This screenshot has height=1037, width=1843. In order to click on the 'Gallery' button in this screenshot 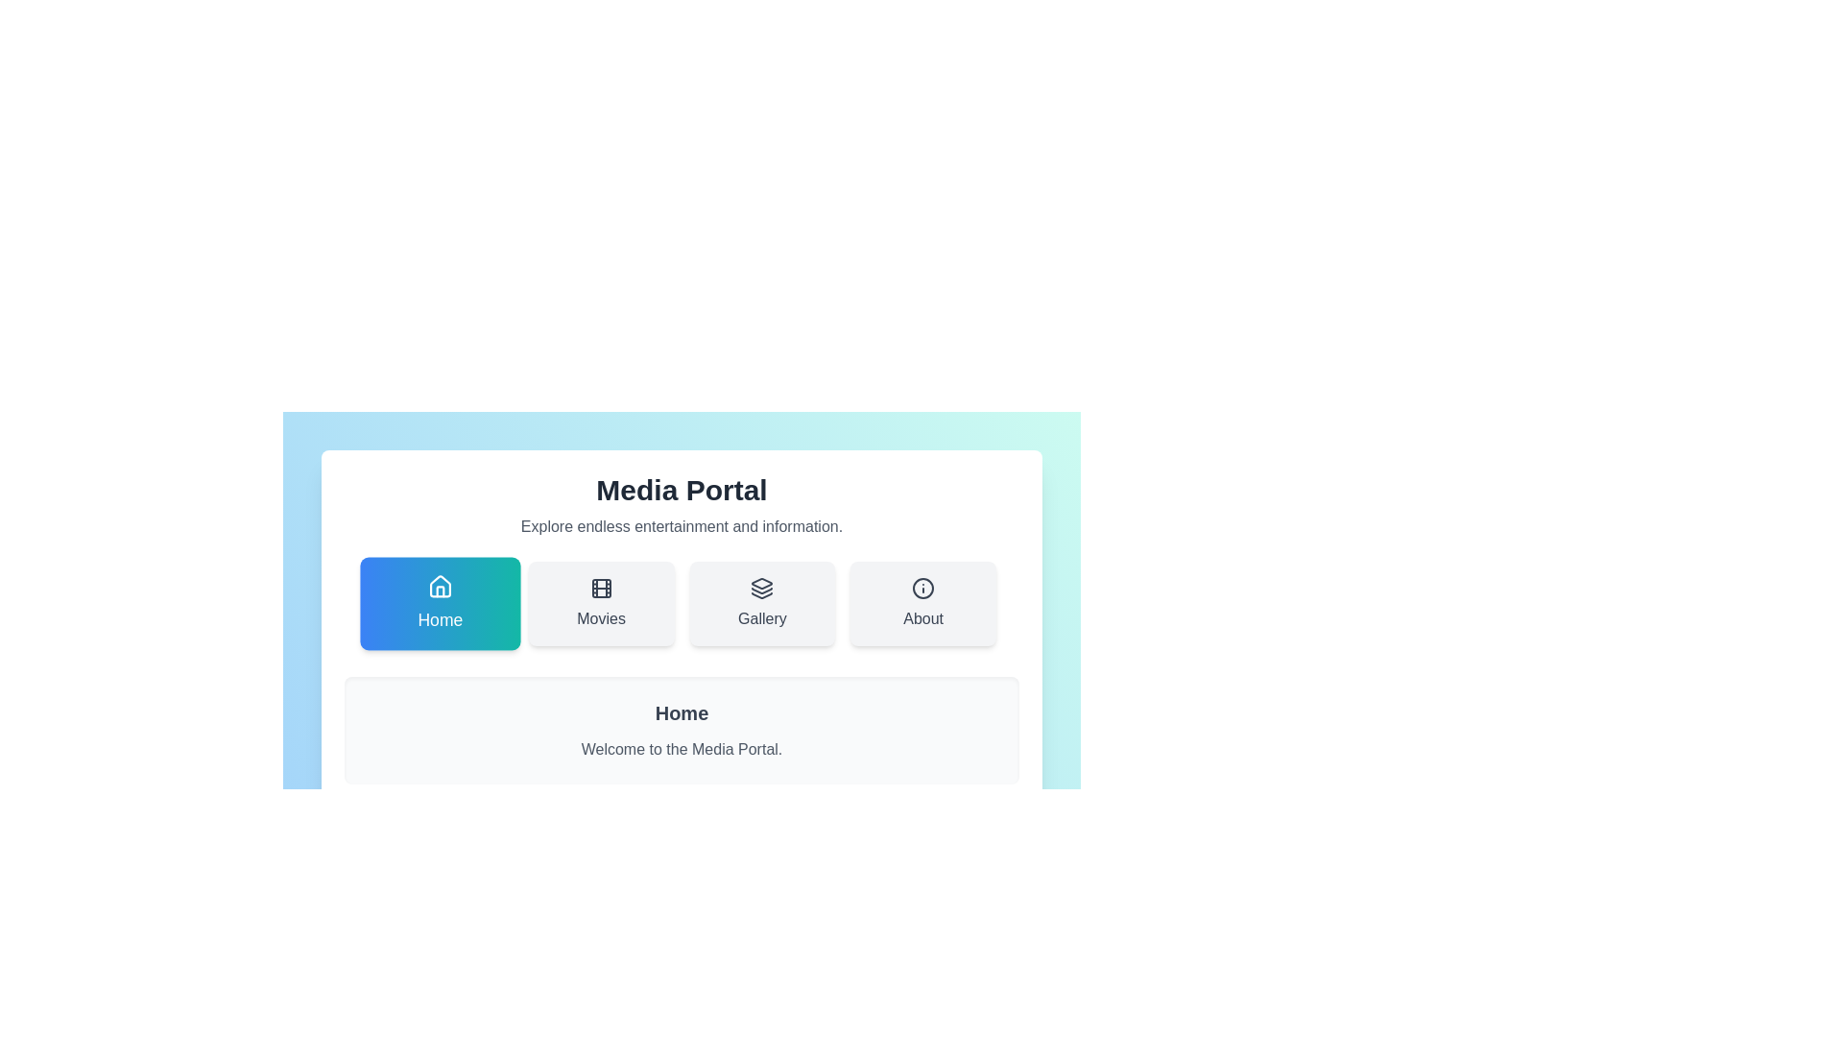, I will do `click(761, 602)`.